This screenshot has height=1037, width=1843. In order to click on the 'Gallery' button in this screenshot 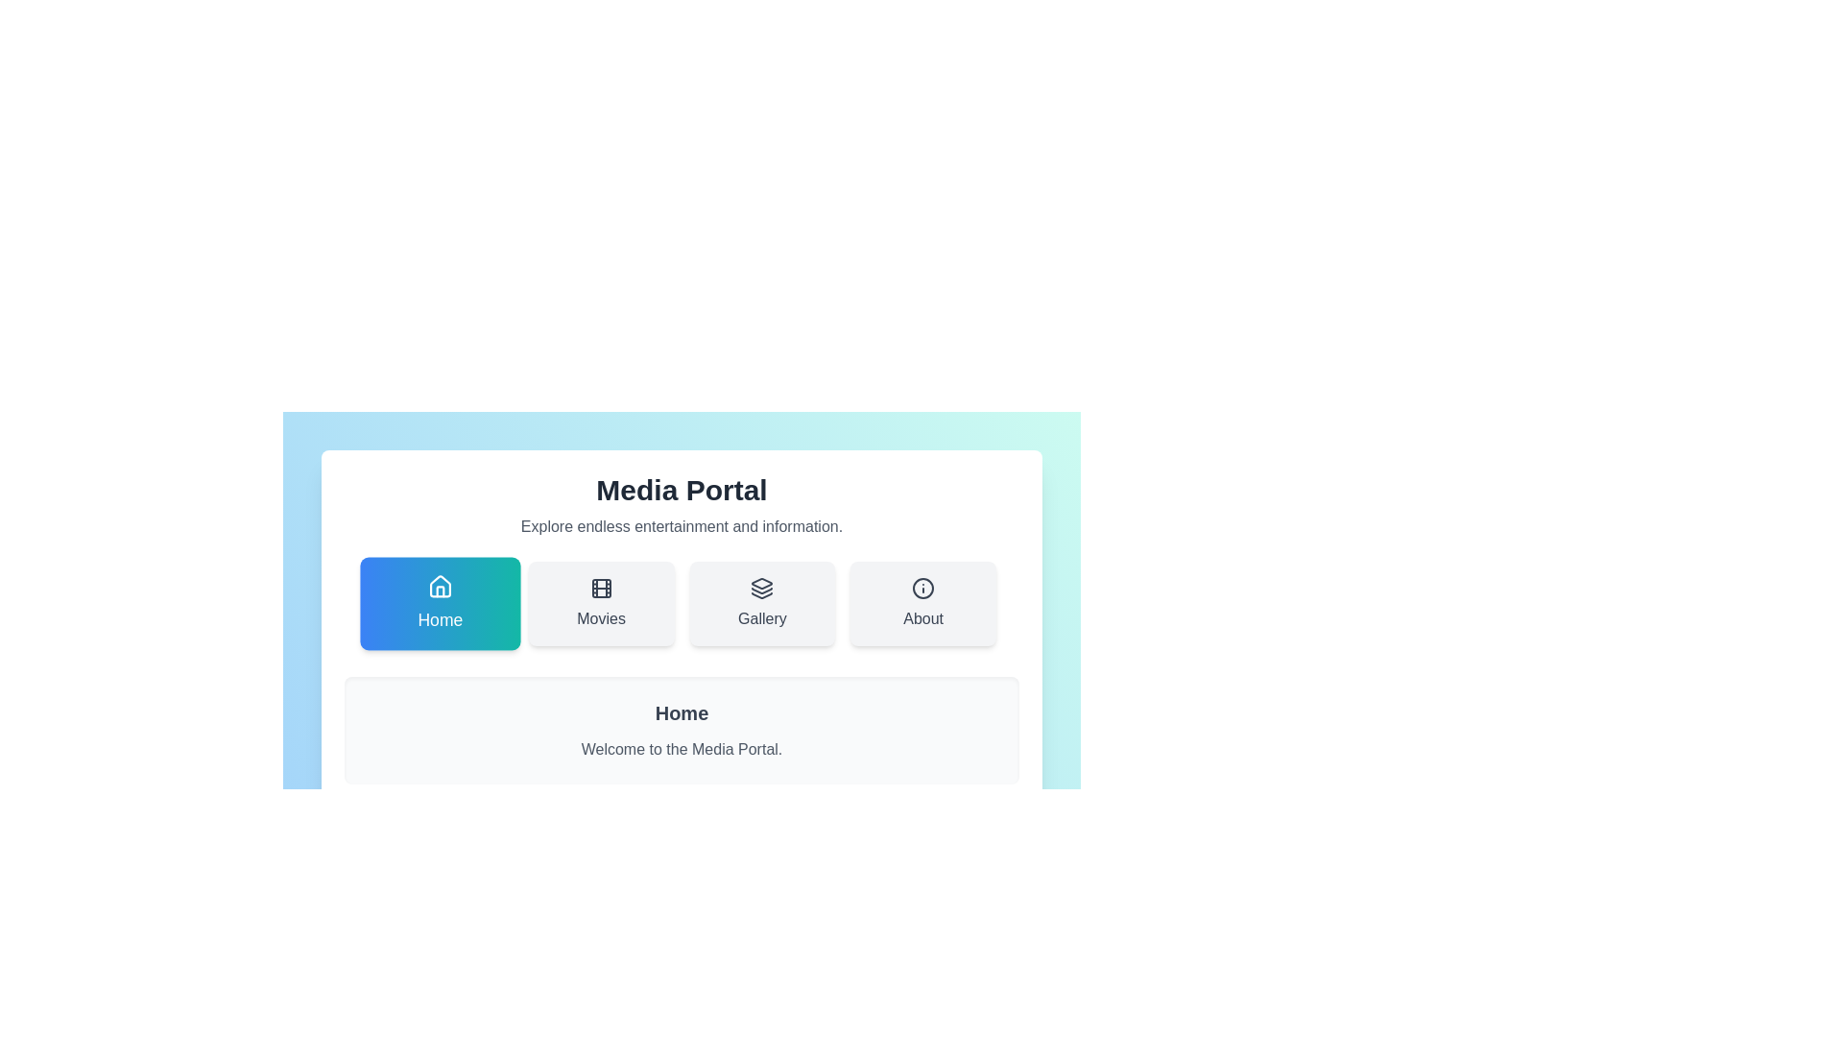, I will do `click(761, 602)`.